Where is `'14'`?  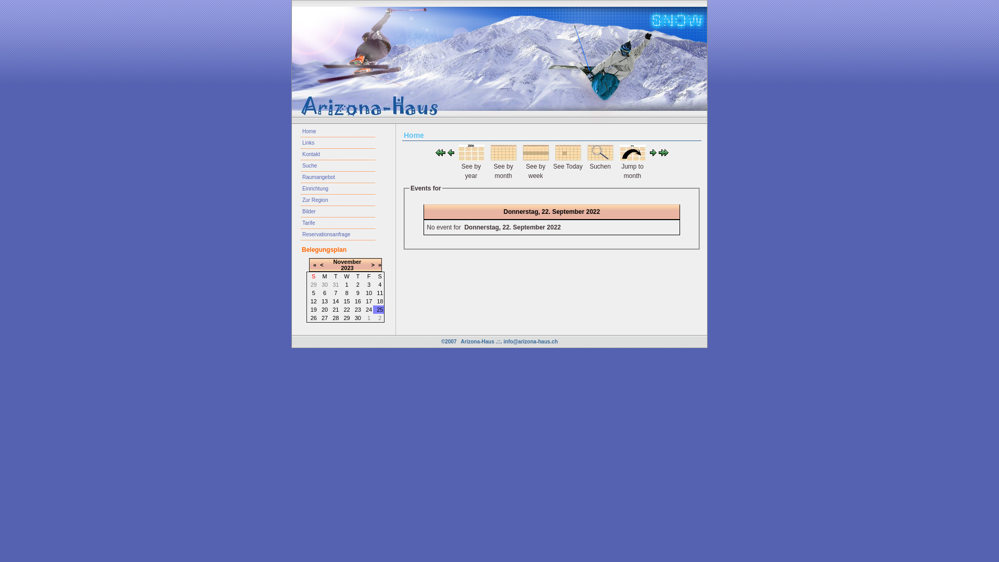 '14' is located at coordinates (335, 301).